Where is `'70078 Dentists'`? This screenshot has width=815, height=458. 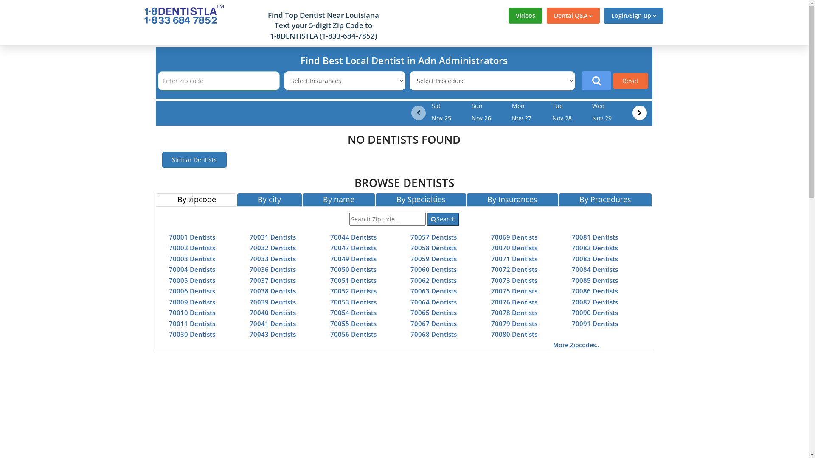
'70078 Dentists' is located at coordinates (514, 312).